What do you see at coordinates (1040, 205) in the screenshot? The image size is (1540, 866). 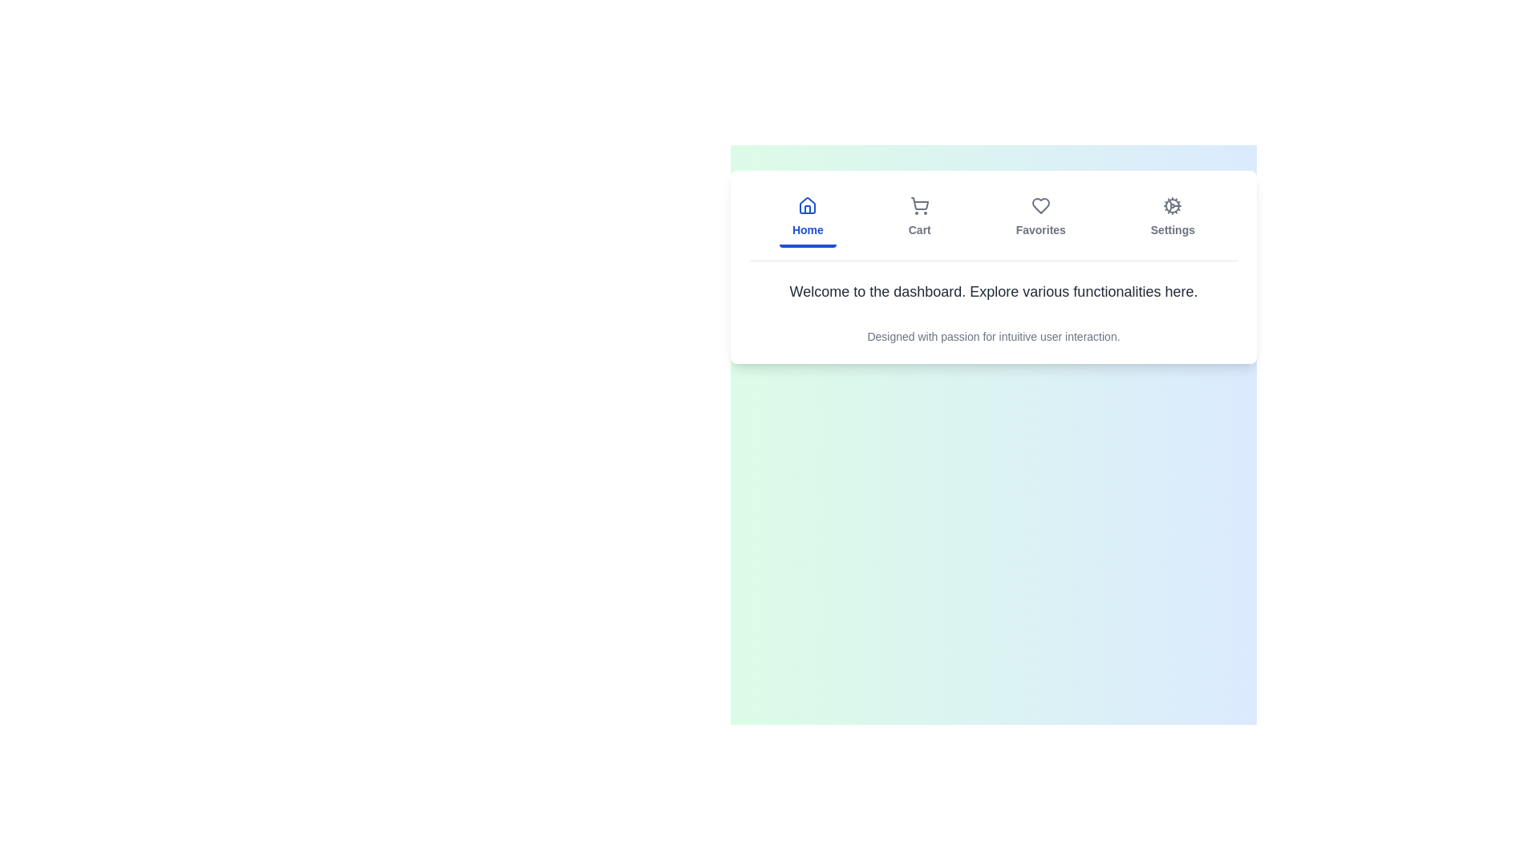 I see `the heart-shaped icon in the 'Favorites' section of the top navigation bar` at bounding box center [1040, 205].